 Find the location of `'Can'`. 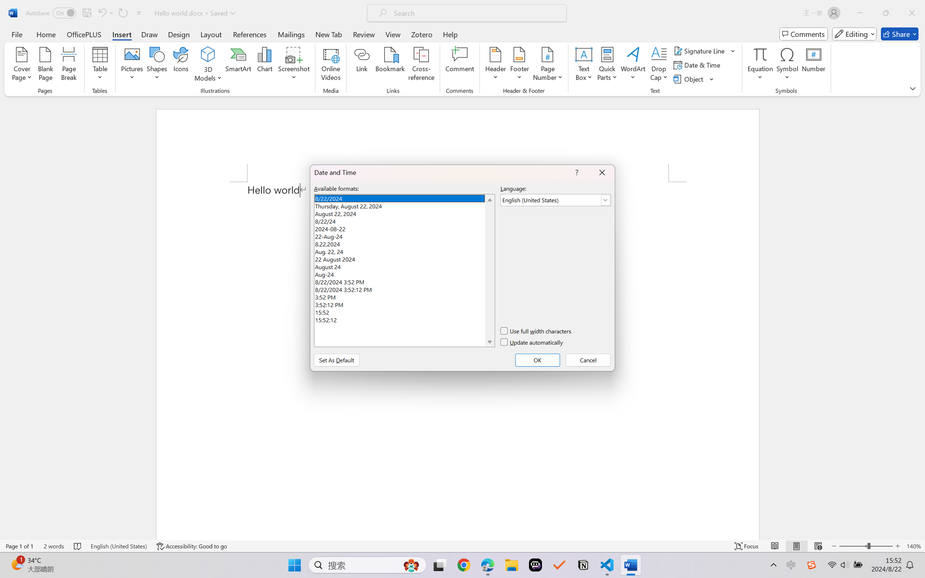

'Can' is located at coordinates (101, 13).